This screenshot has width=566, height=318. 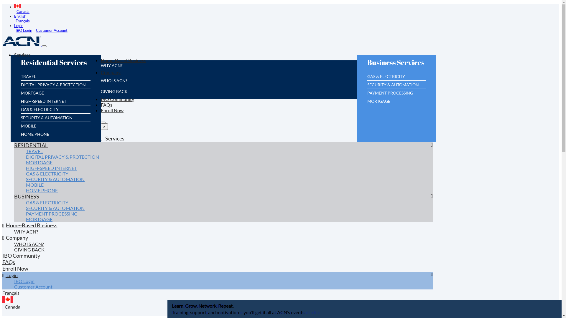 I want to click on 'Home-Based Business', so click(x=29, y=227).